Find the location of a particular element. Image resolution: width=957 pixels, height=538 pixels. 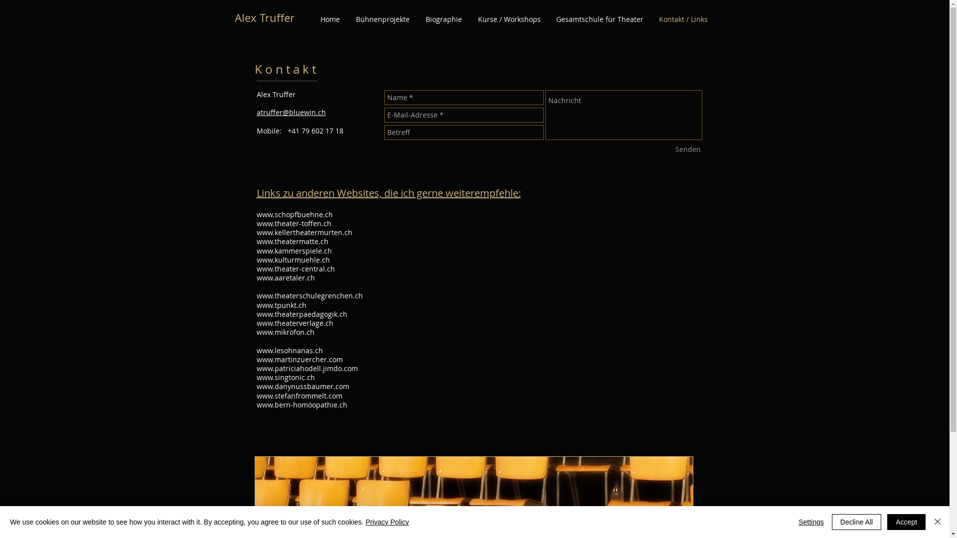

'www.mikrofon.ch' is located at coordinates (284, 332).